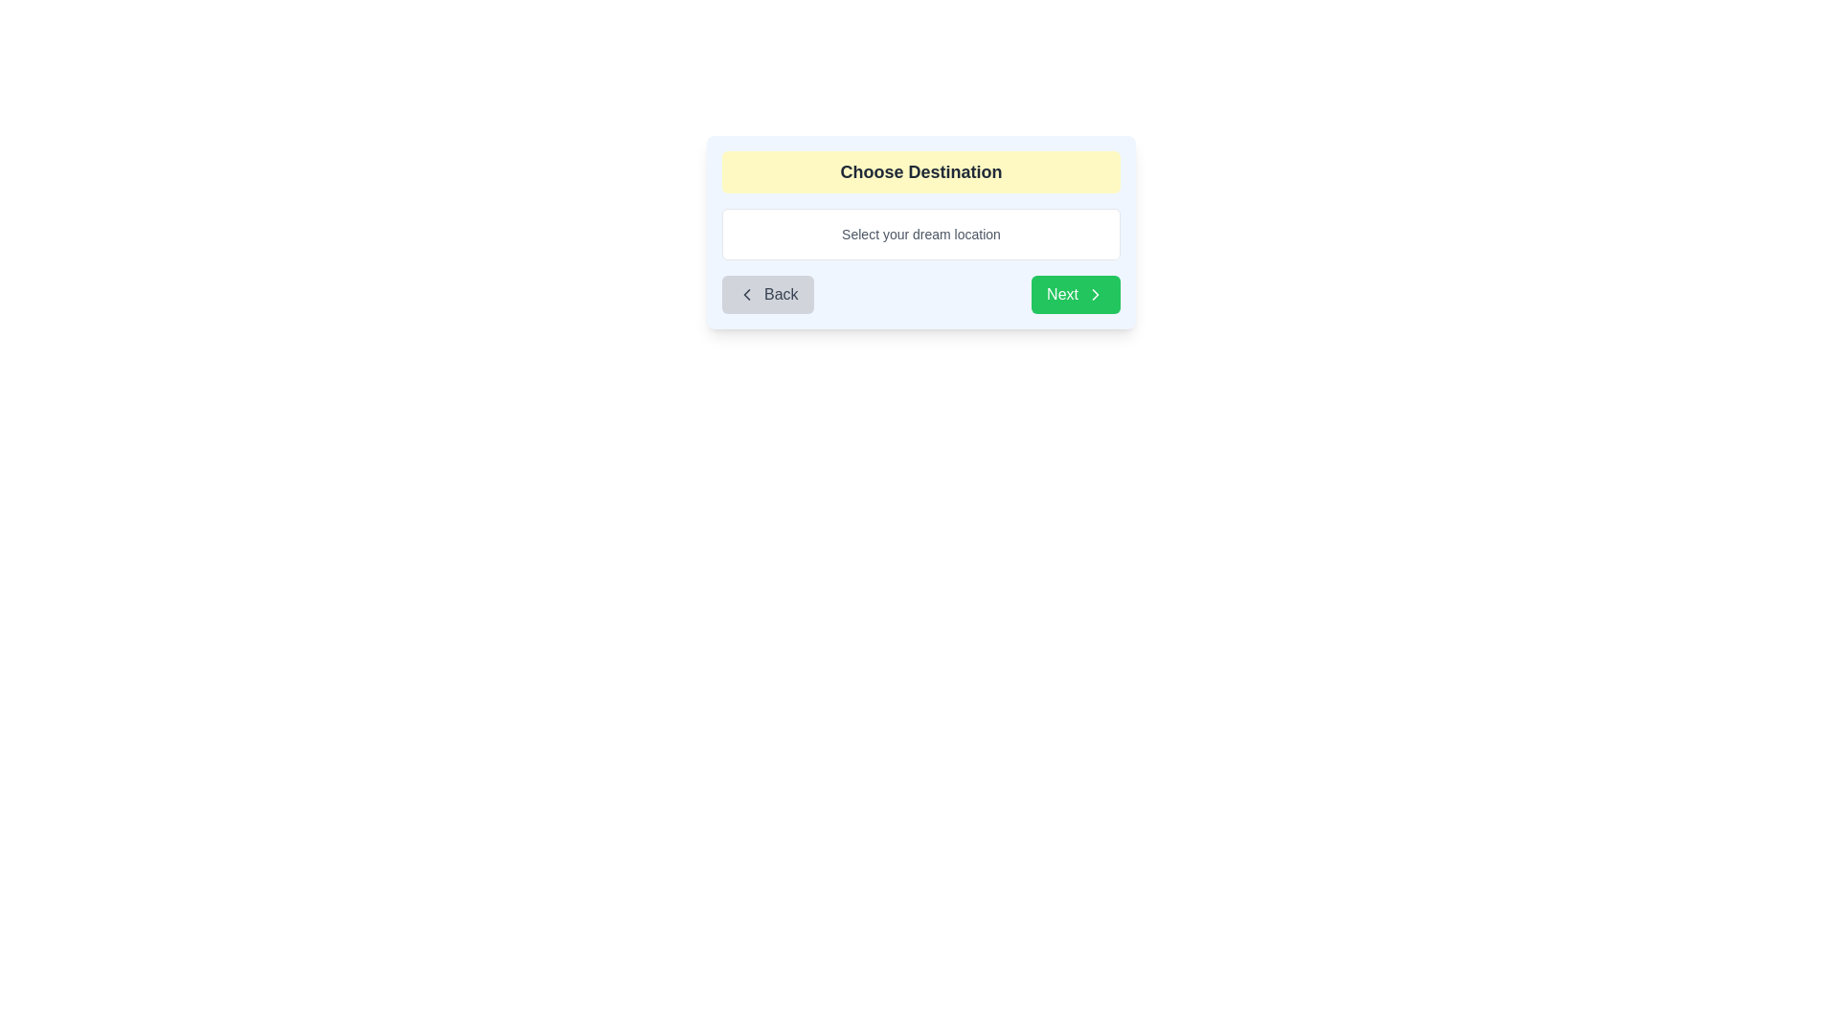  Describe the element at coordinates (1095, 295) in the screenshot. I see `the chevron icon located at the right edge of the 'Next' green button at the bottom right of the form interface` at that location.